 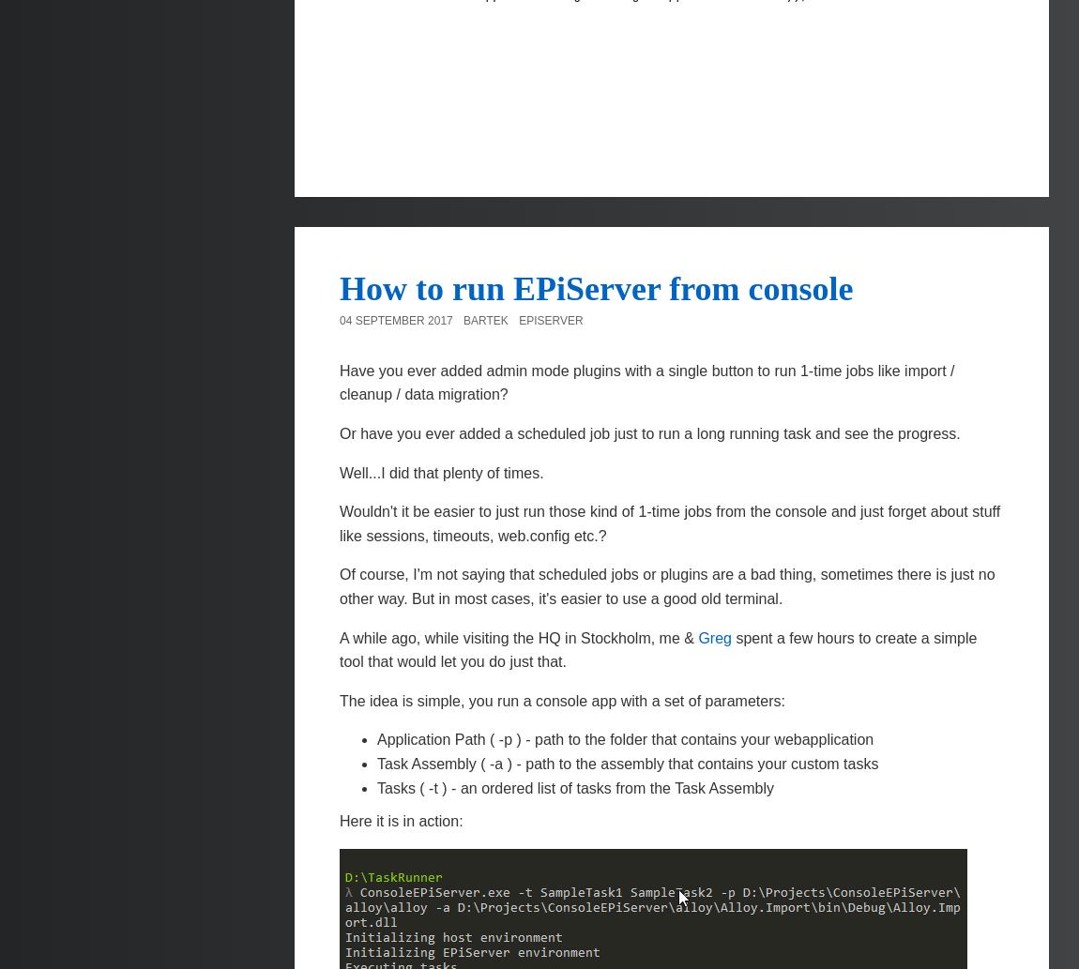 I want to click on 'How to run EPiServer from console', so click(x=595, y=287).